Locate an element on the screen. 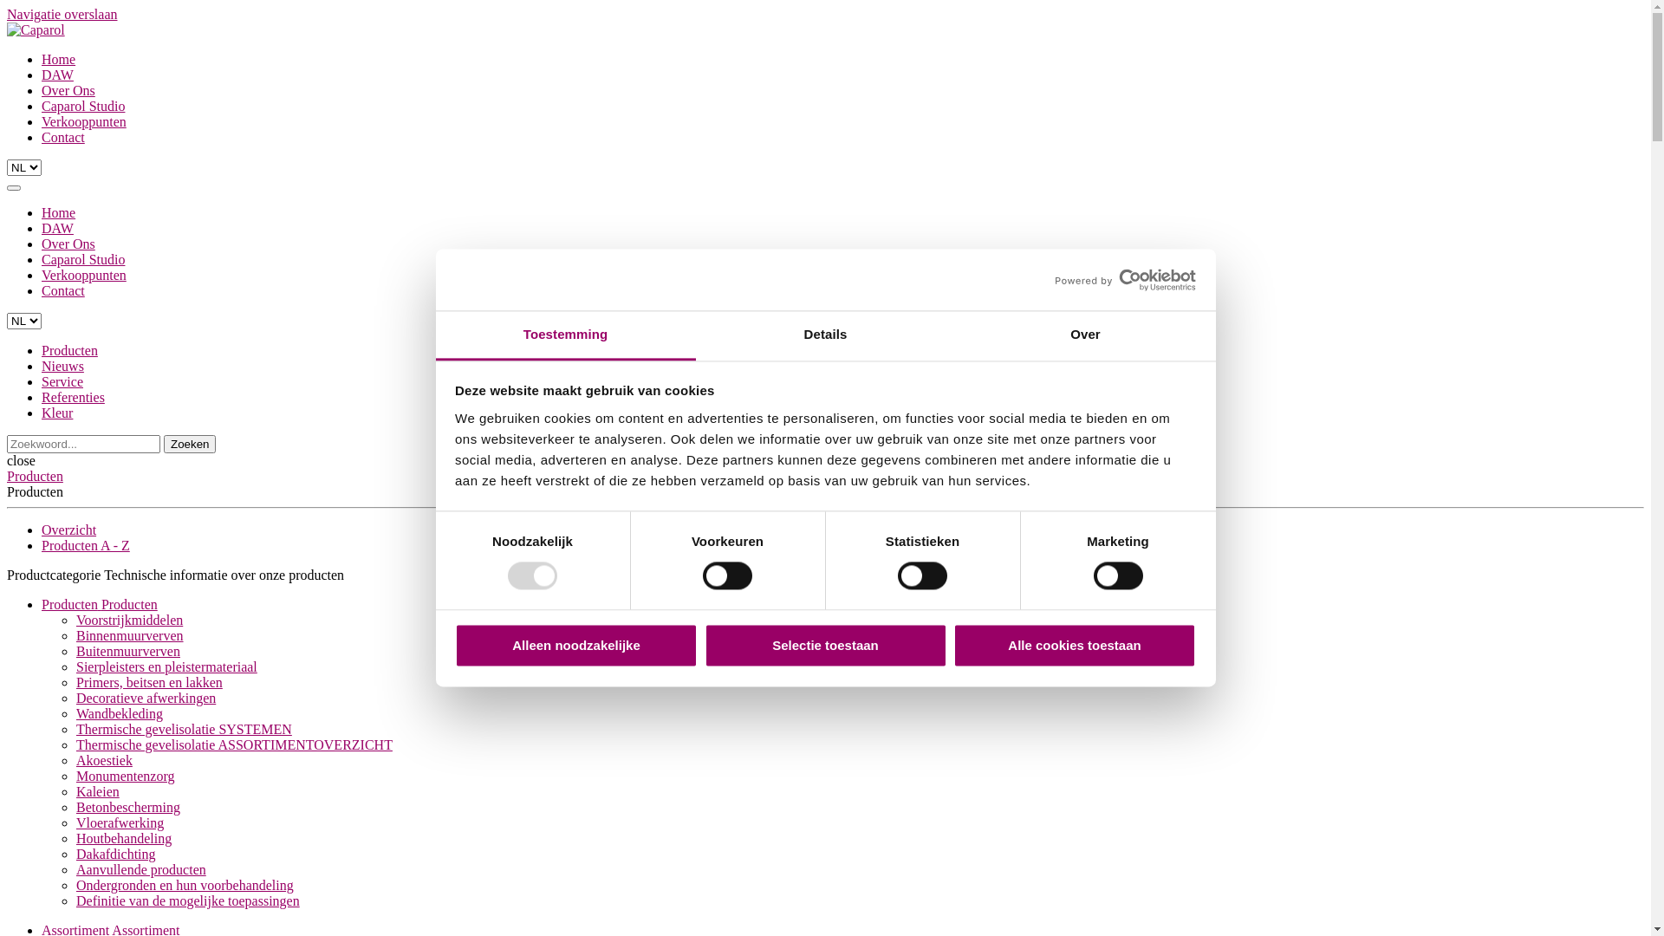  'DAW' is located at coordinates (57, 74).